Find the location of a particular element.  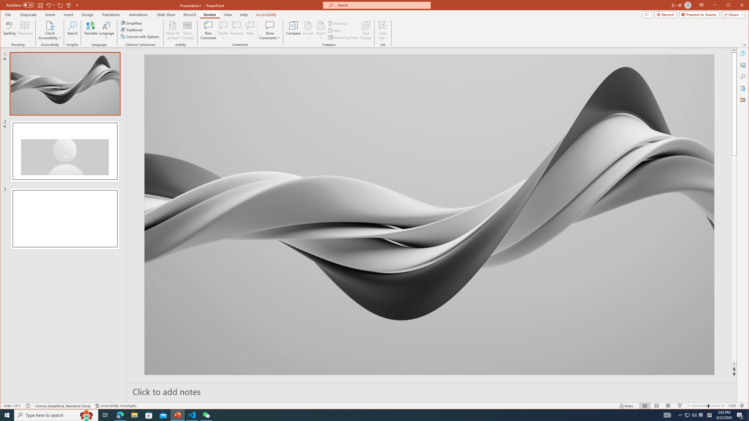

'Accept Change' is located at coordinates (308, 25).